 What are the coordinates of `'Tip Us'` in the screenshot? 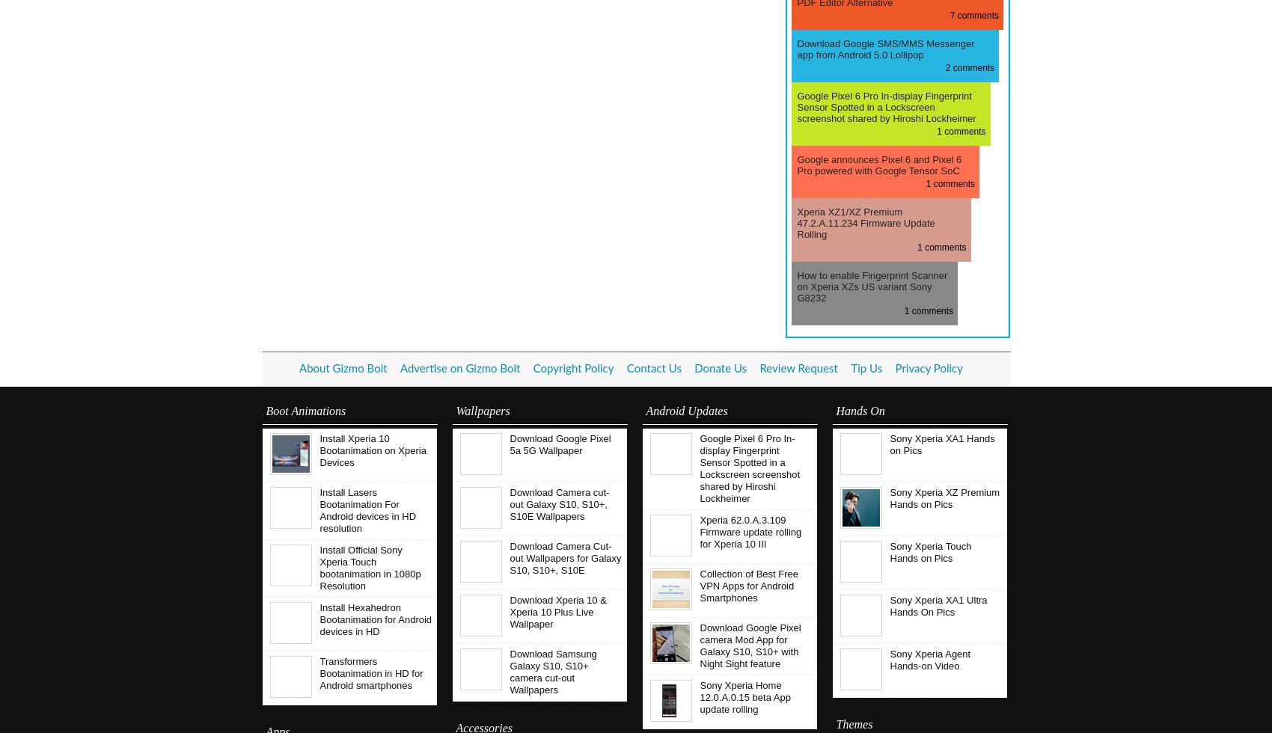 It's located at (866, 369).